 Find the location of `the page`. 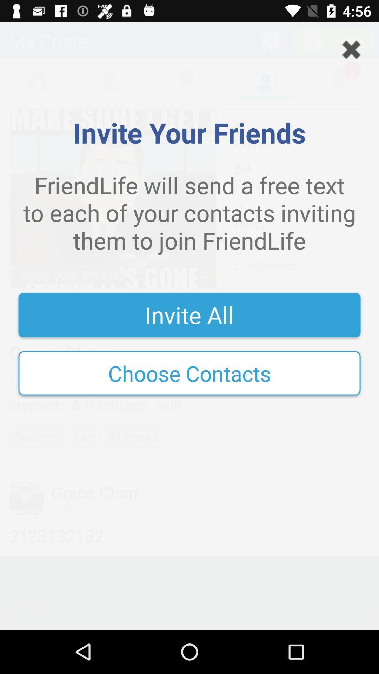

the page is located at coordinates (351, 49).